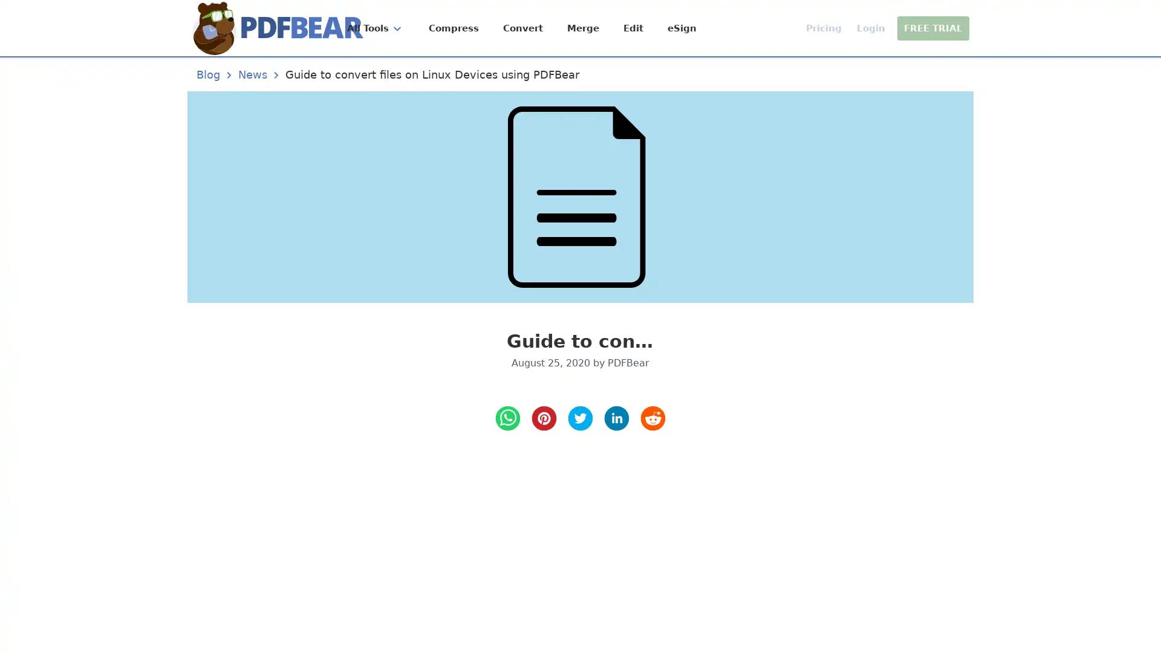  Describe the element at coordinates (522, 27) in the screenshot. I see `Convert` at that location.